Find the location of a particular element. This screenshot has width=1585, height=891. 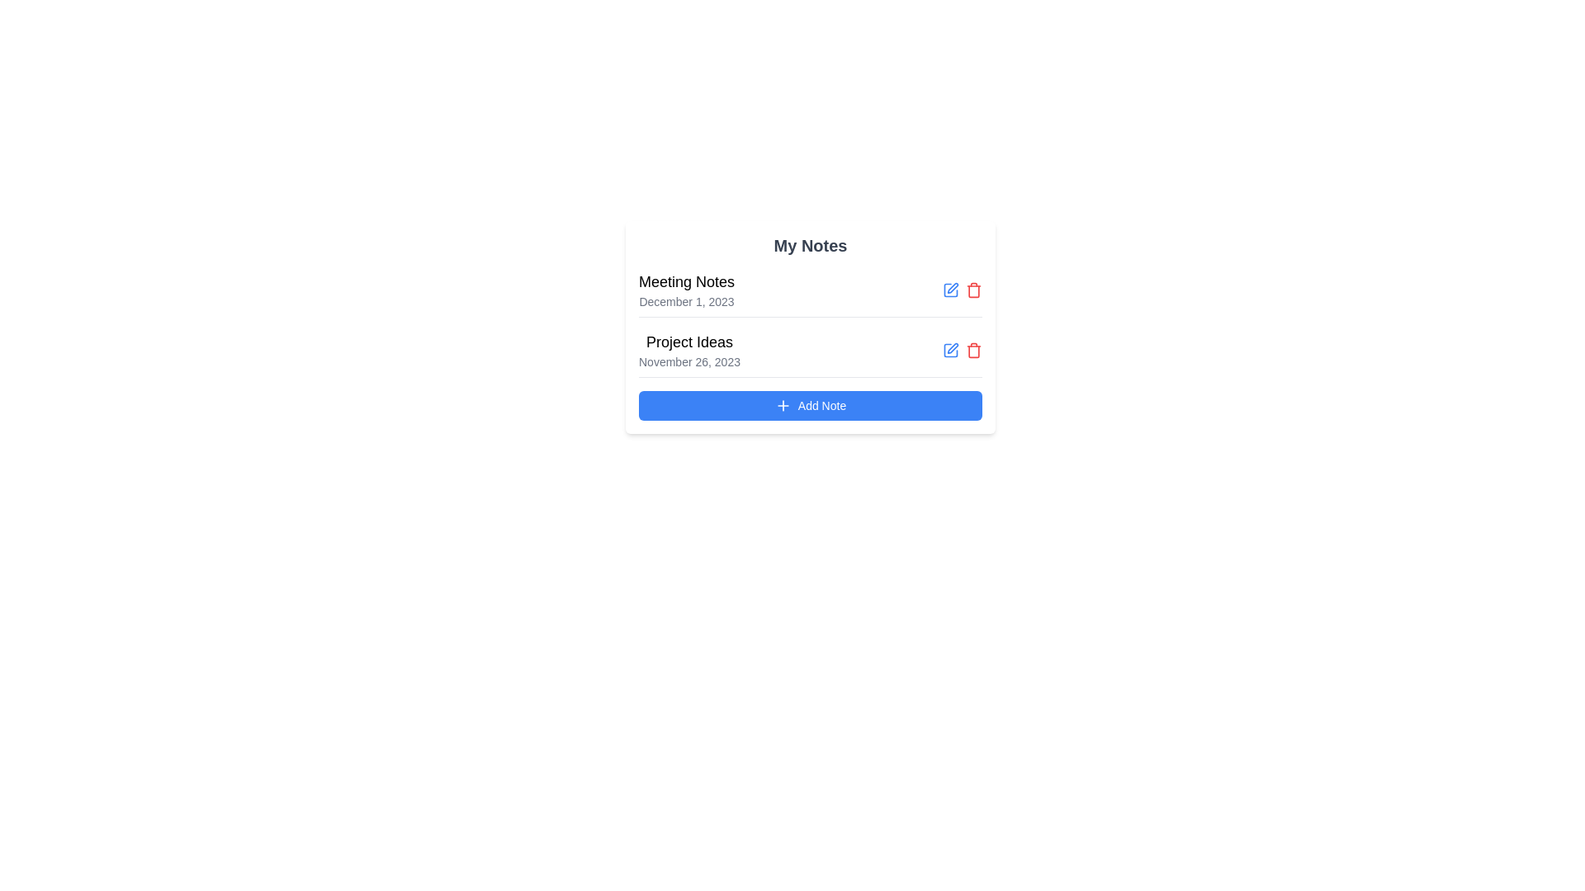

the Date label displaying 'November 26, 2023' in gray font, located below the 'Project Ideas' heading in the second note of 'My Notes' is located at coordinates (689, 361).